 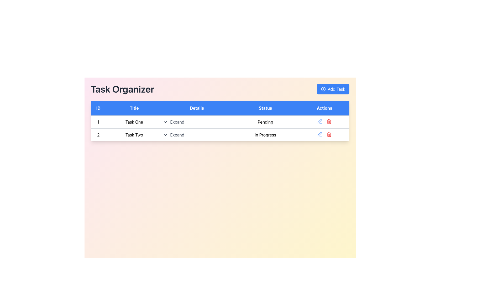 I want to click on the edit action button located in the Actions column of the second row in the table, so click(x=319, y=121).